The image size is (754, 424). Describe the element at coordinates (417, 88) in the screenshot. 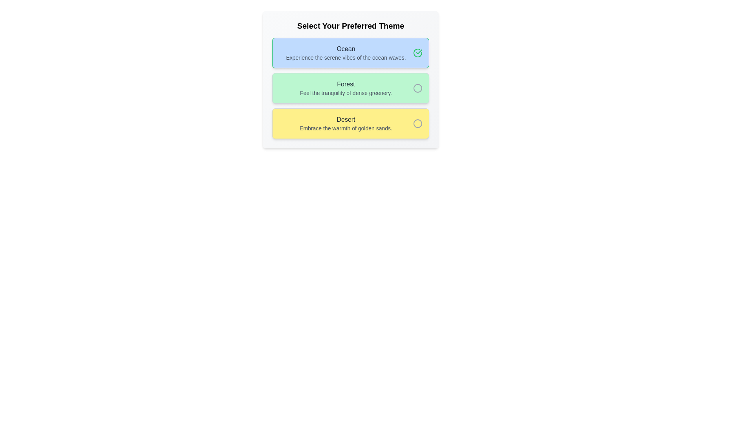

I see `the radio button indicating the selection state of the 'Forest' theme within the option group` at that location.